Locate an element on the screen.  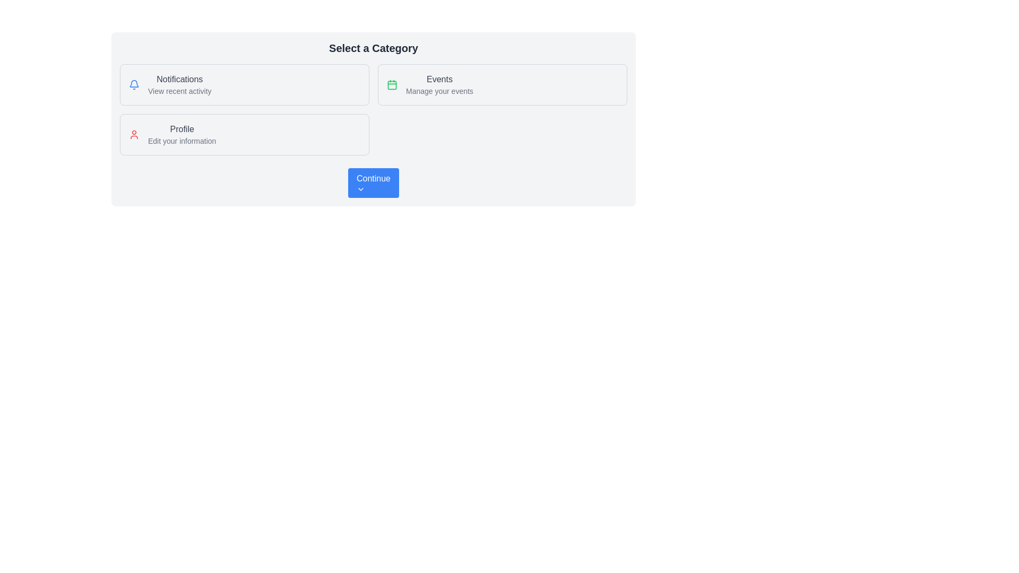
the small green calendar icon located to the left of the 'Events' label in the upper-right section of the layout grid is located at coordinates (392, 84).